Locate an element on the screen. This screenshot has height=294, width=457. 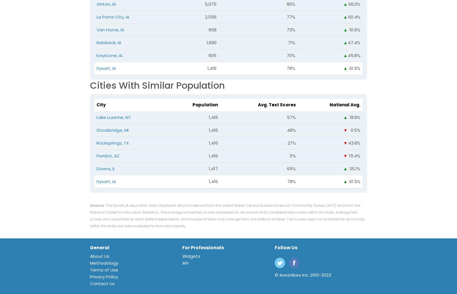
'For Professionals' is located at coordinates (203, 248).